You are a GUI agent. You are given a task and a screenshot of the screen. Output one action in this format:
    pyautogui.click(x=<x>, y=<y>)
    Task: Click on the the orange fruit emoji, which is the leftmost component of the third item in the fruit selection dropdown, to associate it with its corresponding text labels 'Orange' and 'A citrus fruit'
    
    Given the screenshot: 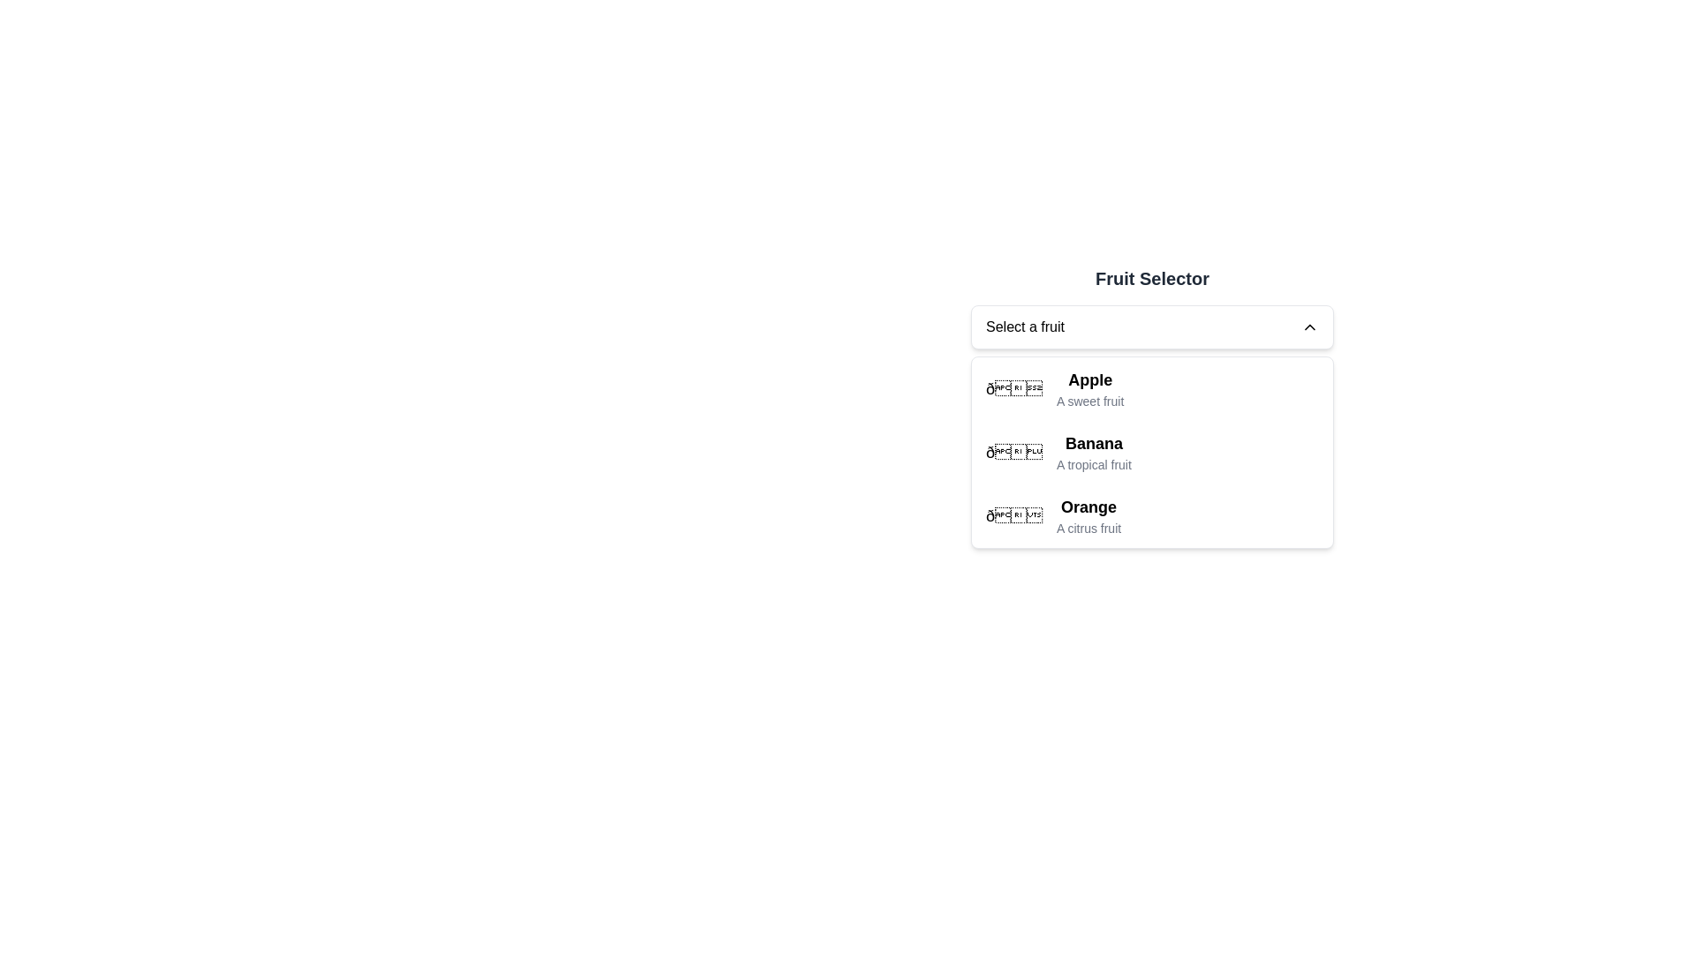 What is the action you would take?
    pyautogui.click(x=1021, y=516)
    